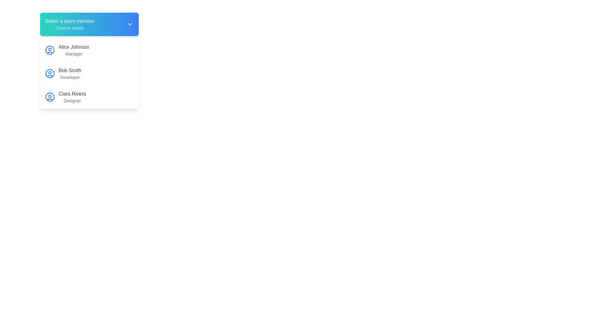  What do you see at coordinates (50, 73) in the screenshot?
I see `the User icon representing the profile illustration for user 'Bob Smith' to indicate the user's choice` at bounding box center [50, 73].